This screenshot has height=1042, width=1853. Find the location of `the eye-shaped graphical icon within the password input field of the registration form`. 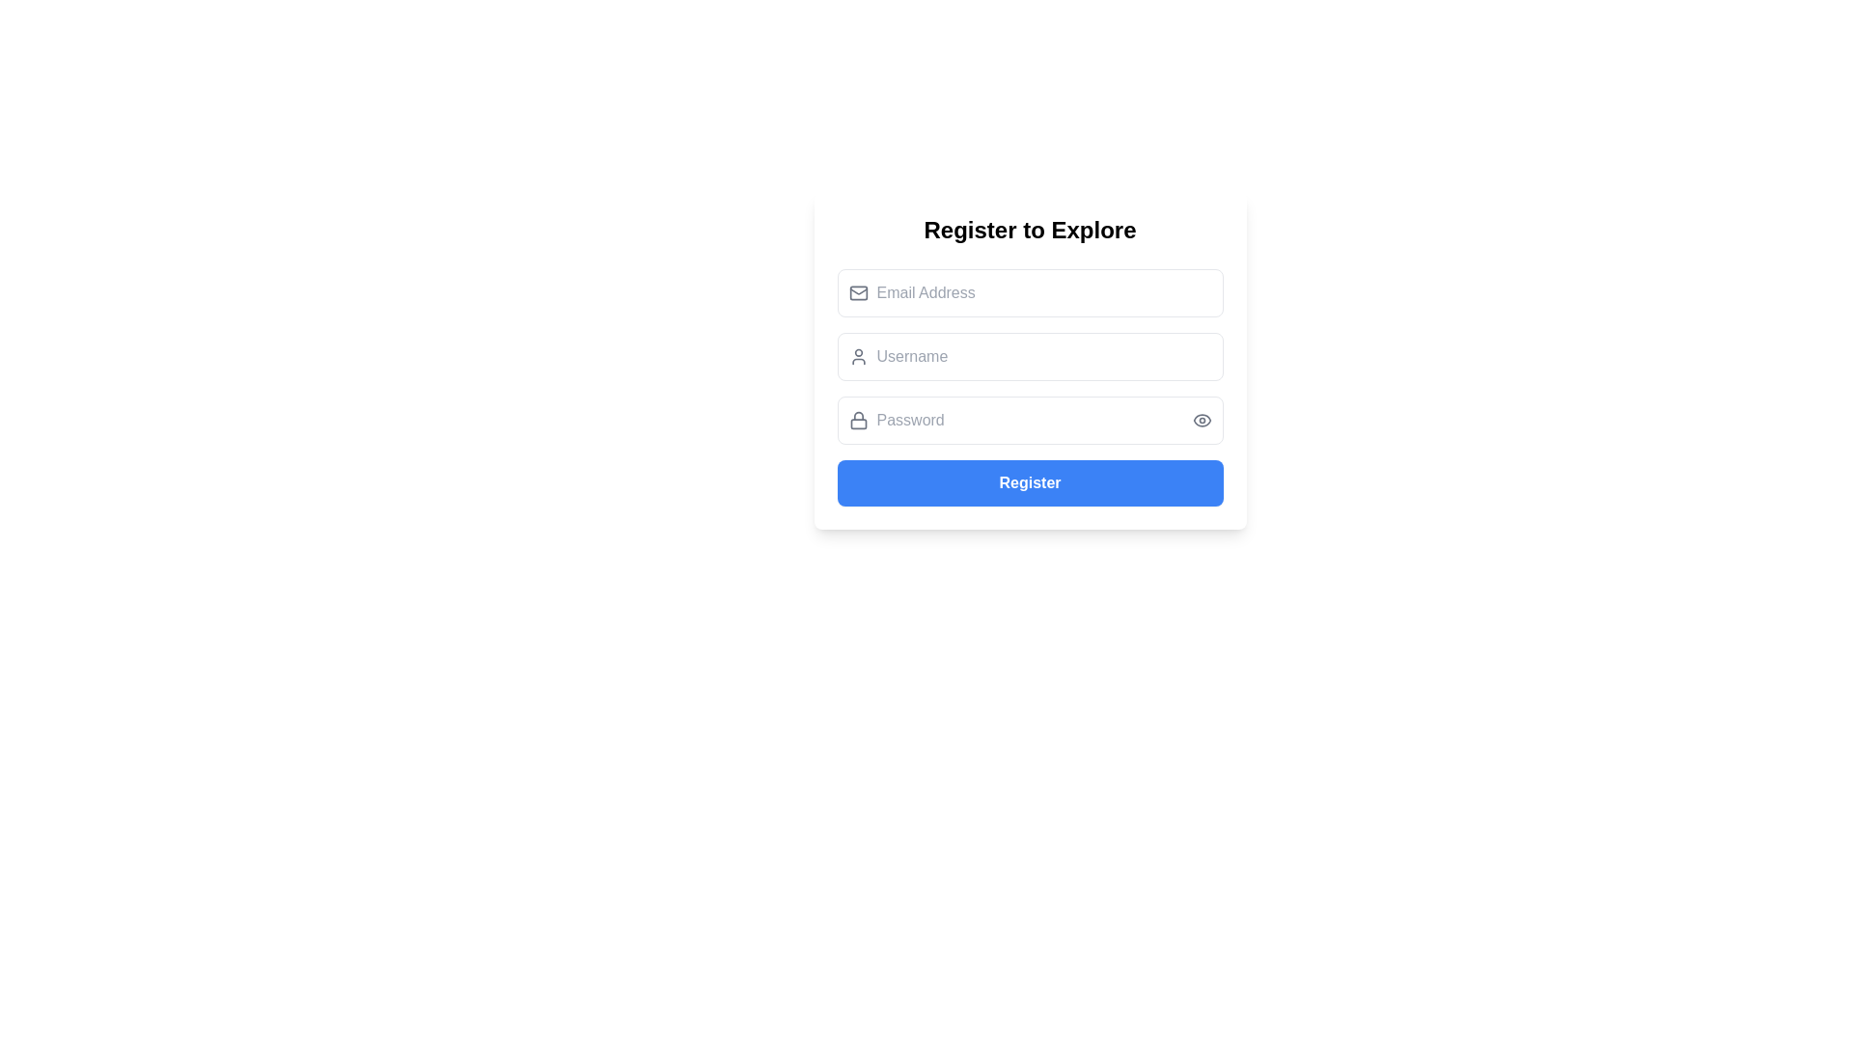

the eye-shaped graphical icon within the password input field of the registration form is located at coordinates (1201, 419).